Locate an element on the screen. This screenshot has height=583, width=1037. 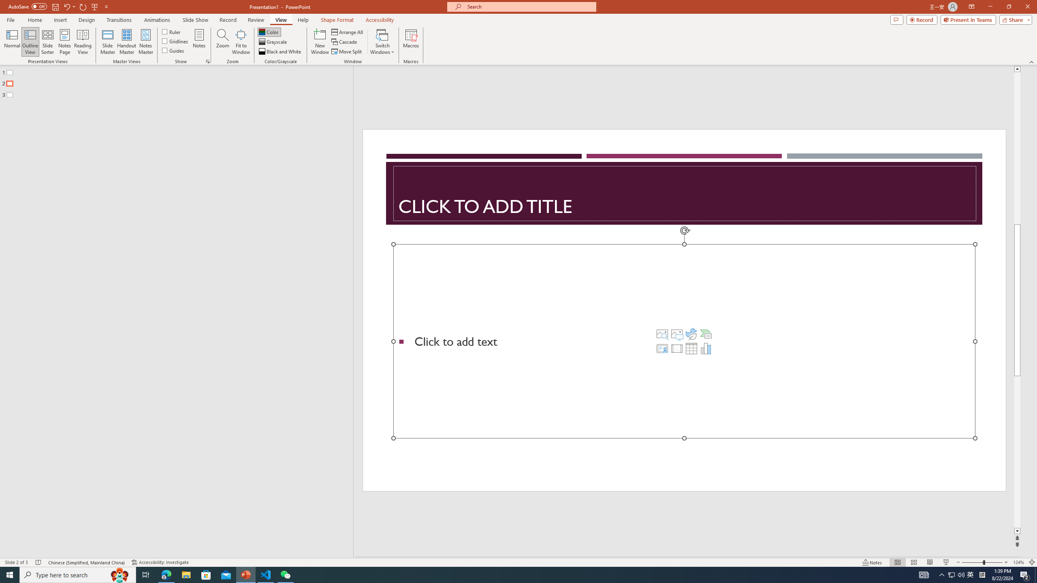
'Gridlines' is located at coordinates (175, 40).